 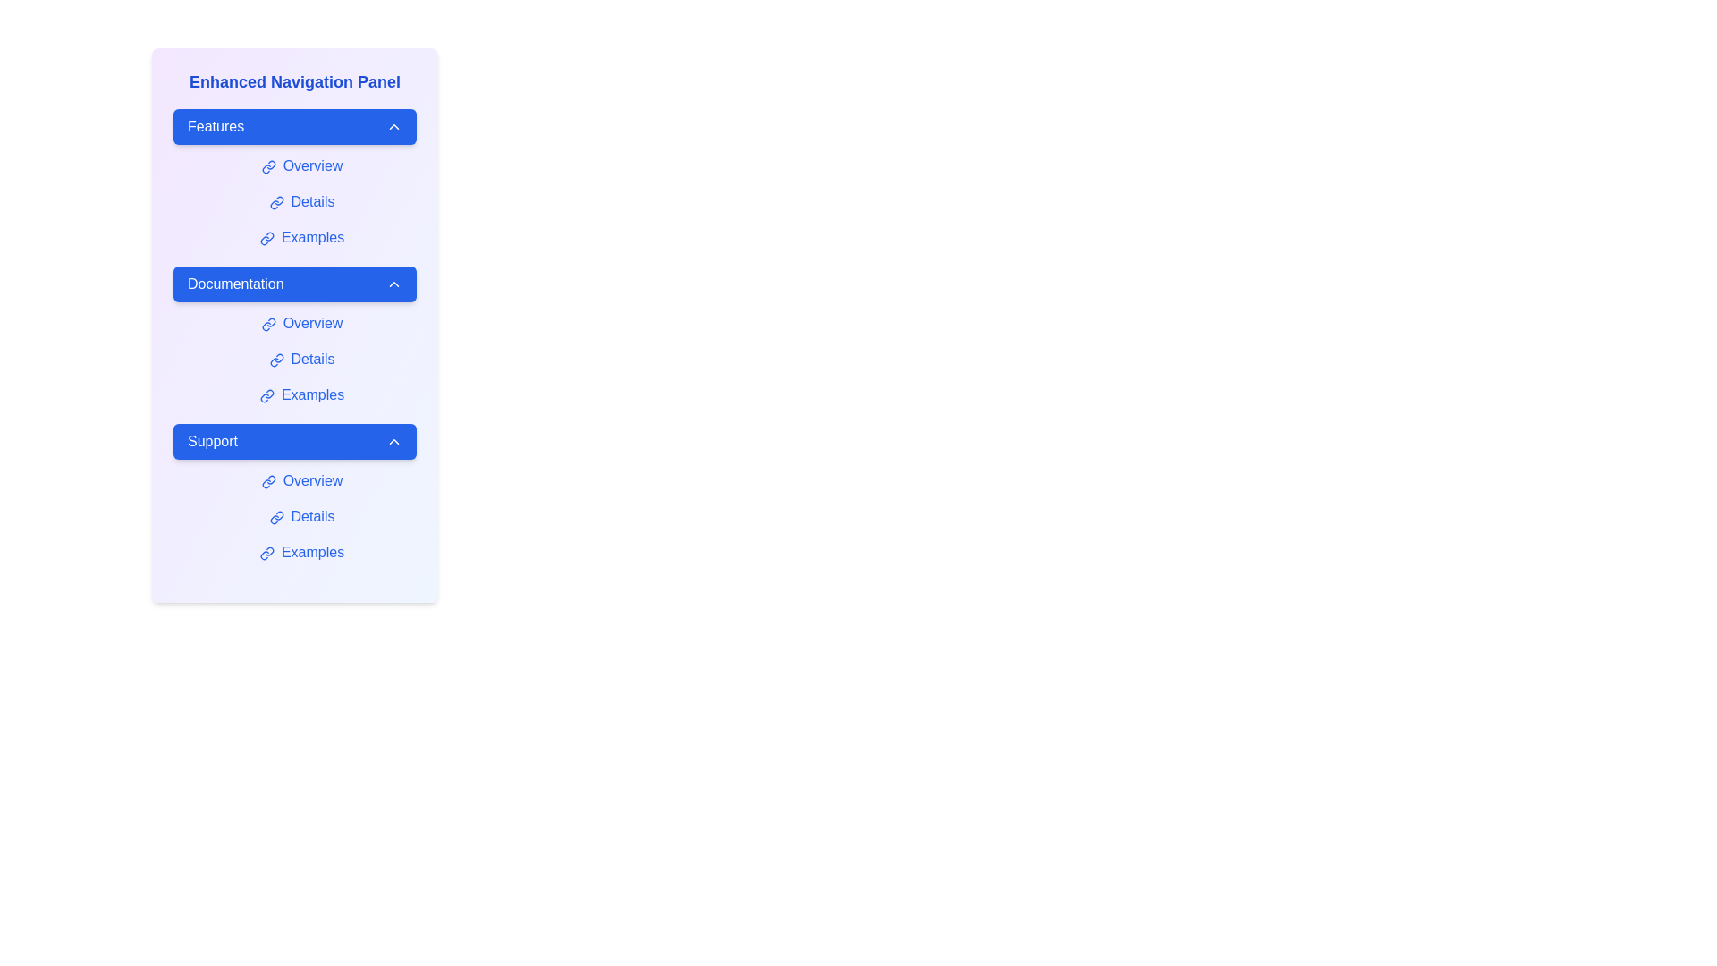 I want to click on the 'Support Details' hyperlink located in the 'Support' collapsible panel, positioned as the second item in the vertical list, so click(x=301, y=517).